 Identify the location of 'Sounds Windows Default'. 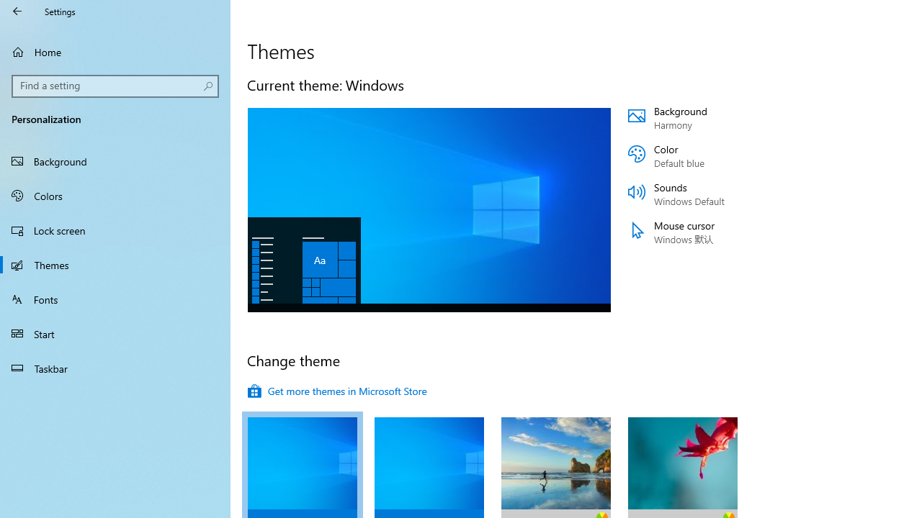
(715, 194).